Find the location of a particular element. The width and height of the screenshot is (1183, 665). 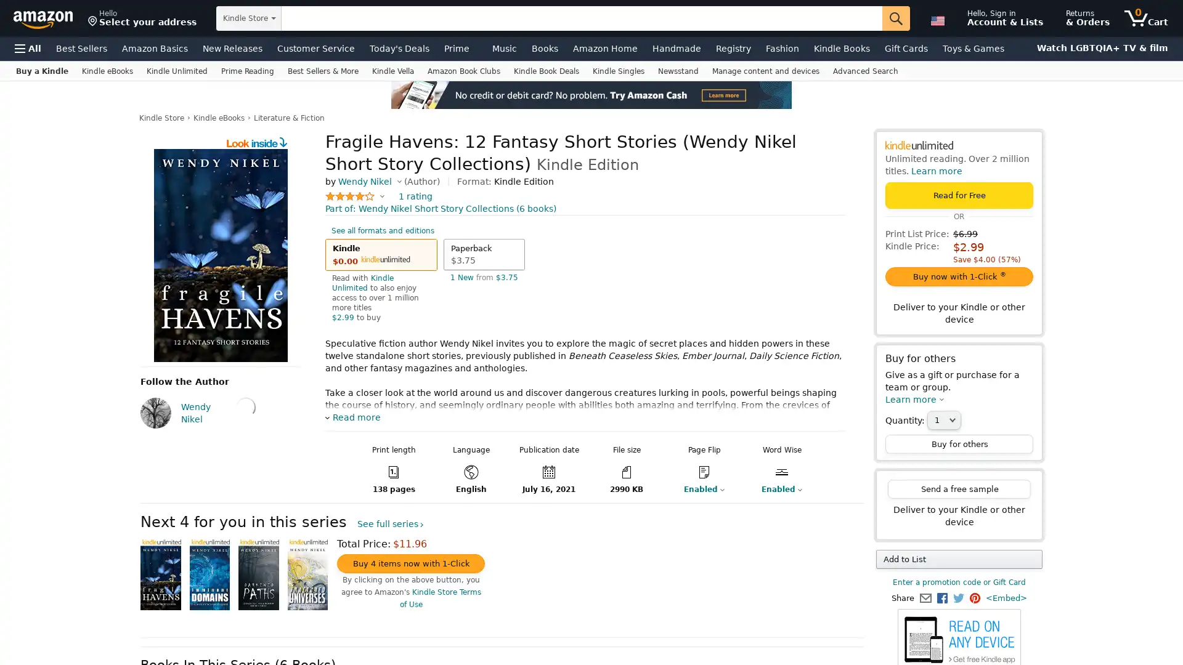

Buy for others is located at coordinates (958, 444).